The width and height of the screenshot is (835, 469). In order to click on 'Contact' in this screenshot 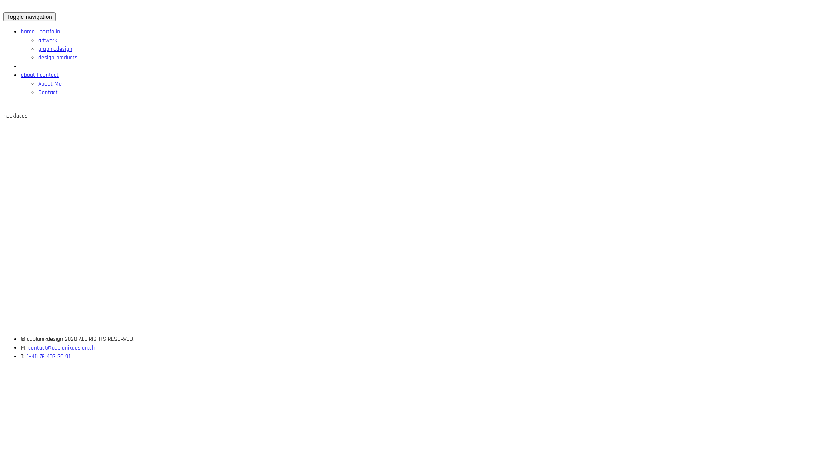, I will do `click(37, 92)`.